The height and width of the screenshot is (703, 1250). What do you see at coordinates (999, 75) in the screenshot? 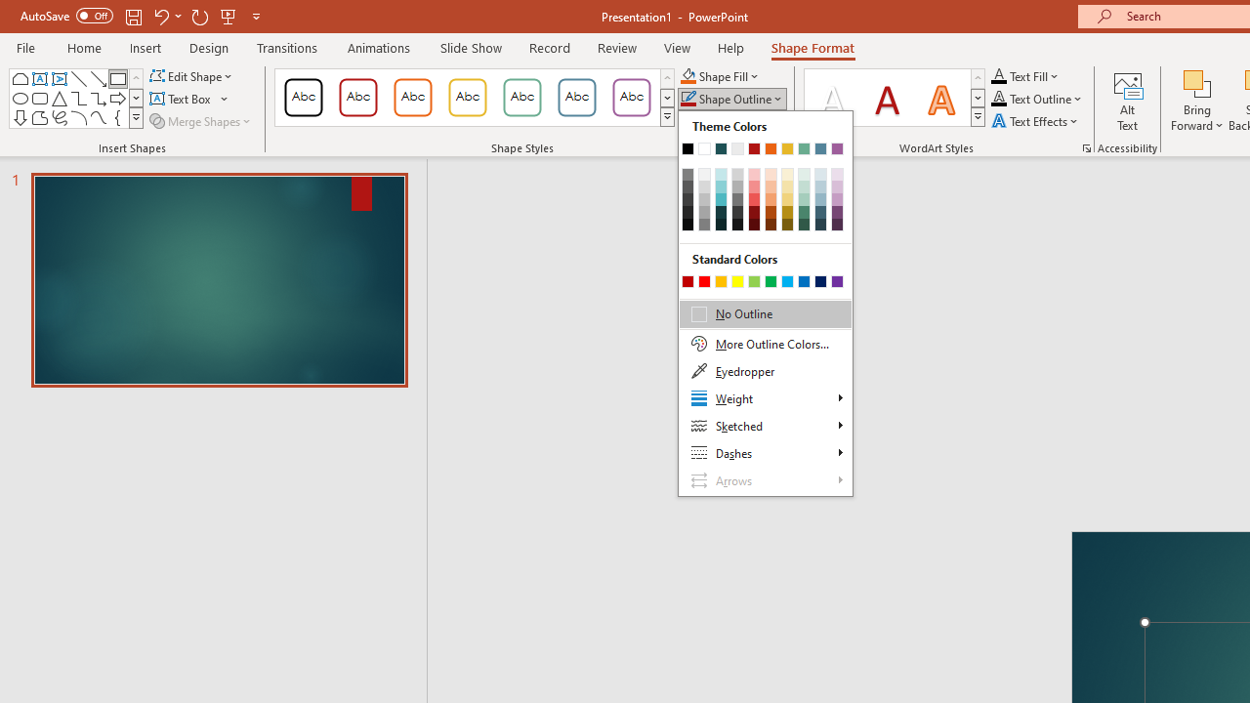
I see `'Text Fill RGB(0, 0, 0)'` at bounding box center [999, 75].